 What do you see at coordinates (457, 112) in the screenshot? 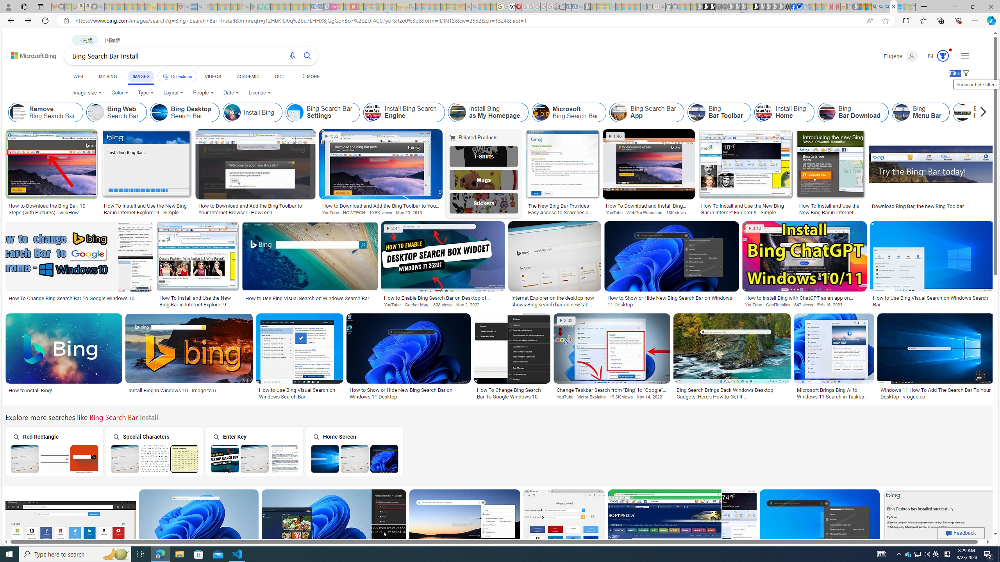
I see `'Install Bing as My Homepage'` at bounding box center [457, 112].